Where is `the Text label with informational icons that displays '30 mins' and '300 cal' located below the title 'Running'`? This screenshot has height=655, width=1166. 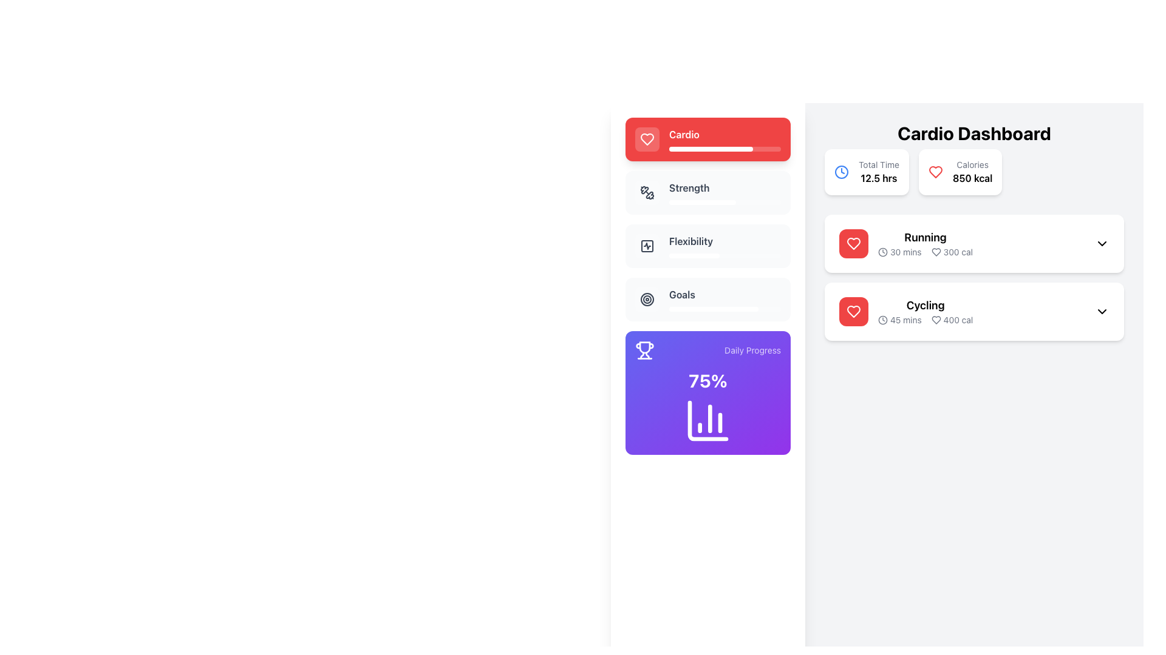 the Text label with informational icons that displays '30 mins' and '300 cal' located below the title 'Running' is located at coordinates (925, 252).